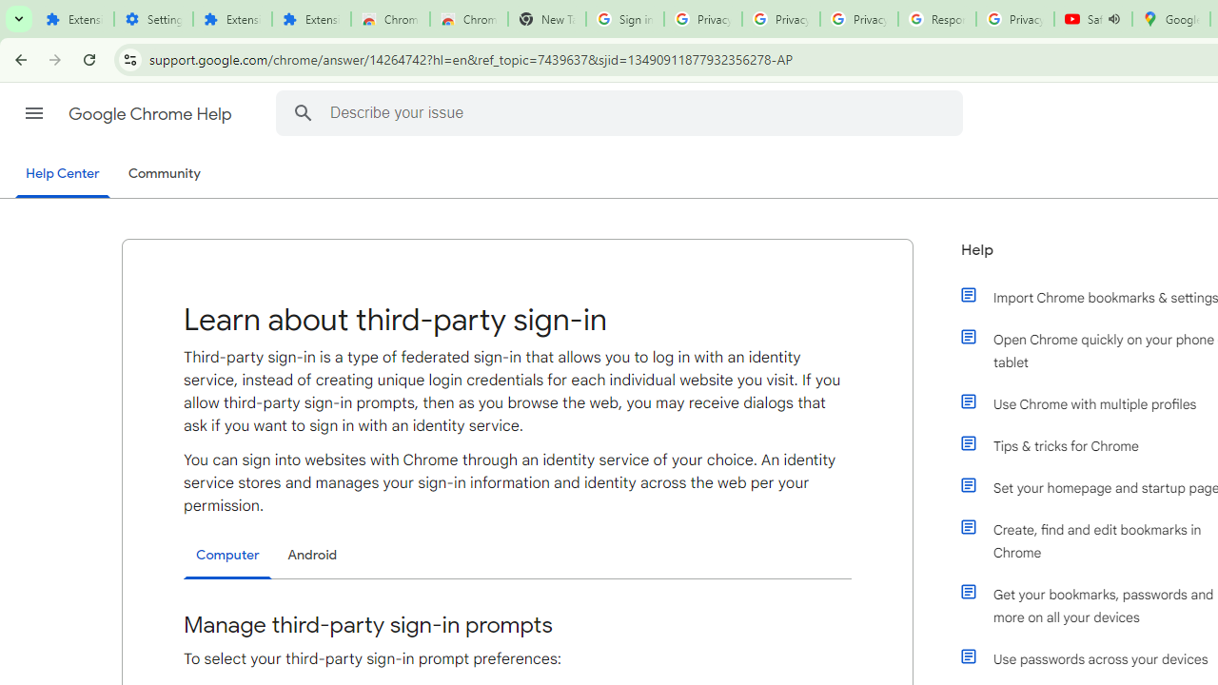  What do you see at coordinates (622, 112) in the screenshot?
I see `'Describe your issue'` at bounding box center [622, 112].